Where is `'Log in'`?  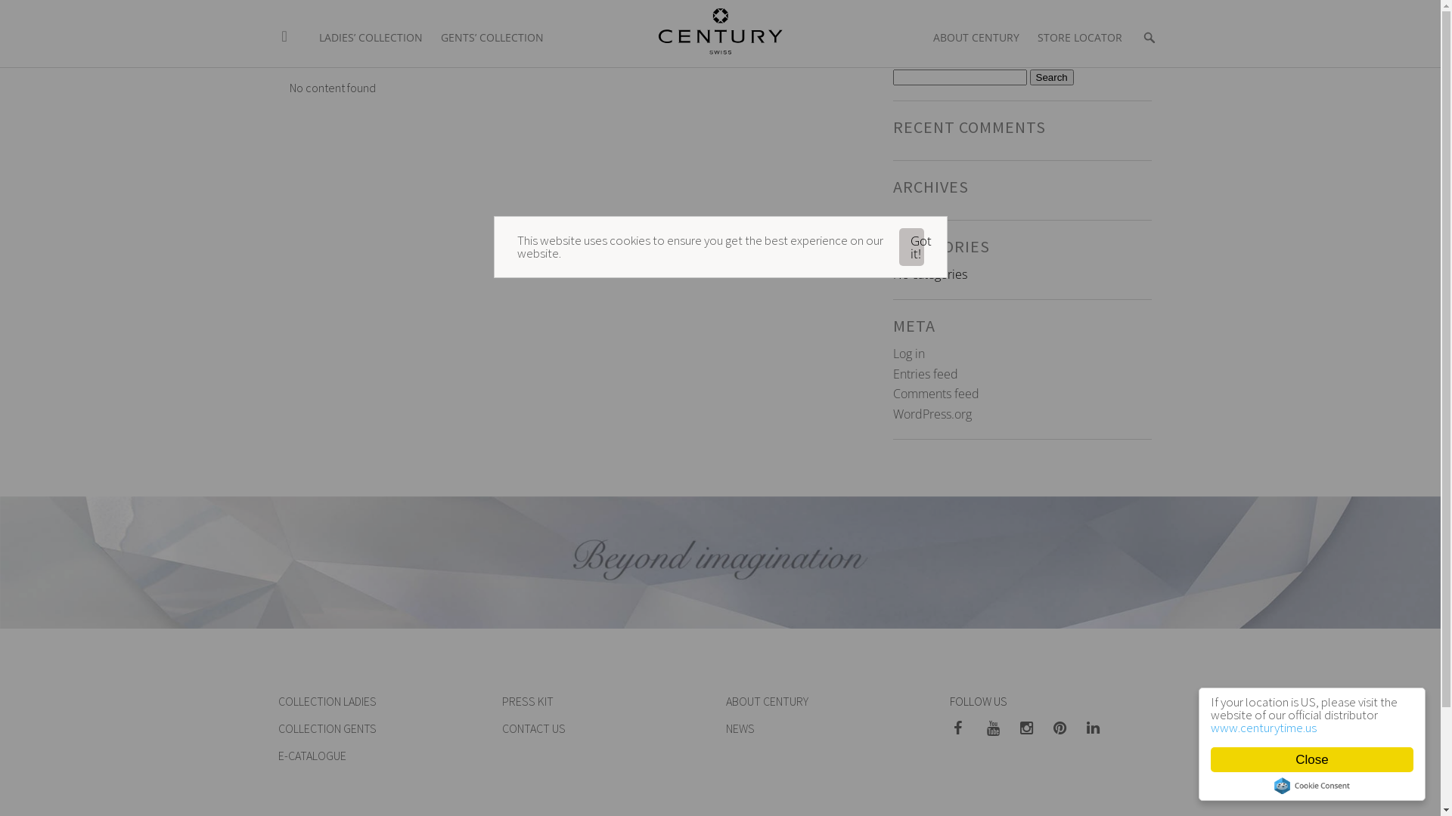 'Log in' is located at coordinates (907, 353).